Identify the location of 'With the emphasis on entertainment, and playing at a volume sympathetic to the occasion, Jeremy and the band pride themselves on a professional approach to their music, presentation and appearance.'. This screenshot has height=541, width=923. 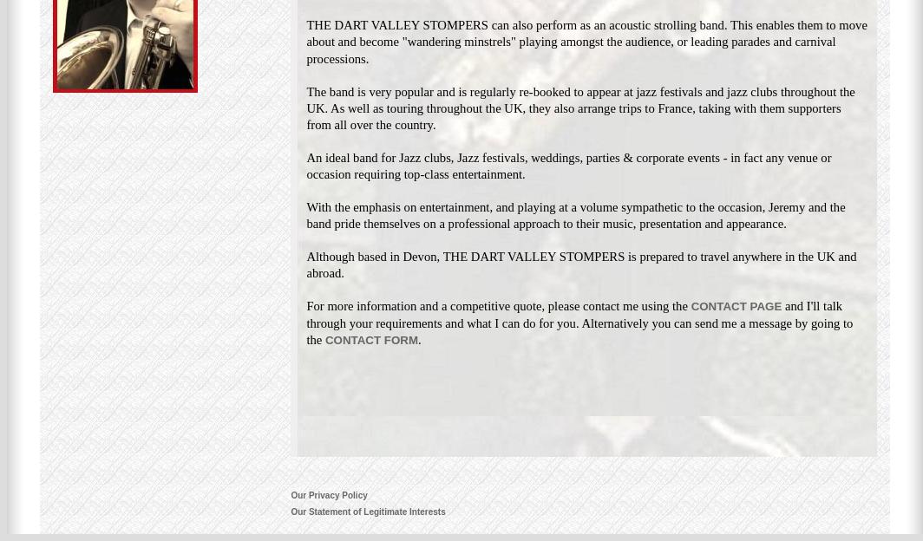
(575, 214).